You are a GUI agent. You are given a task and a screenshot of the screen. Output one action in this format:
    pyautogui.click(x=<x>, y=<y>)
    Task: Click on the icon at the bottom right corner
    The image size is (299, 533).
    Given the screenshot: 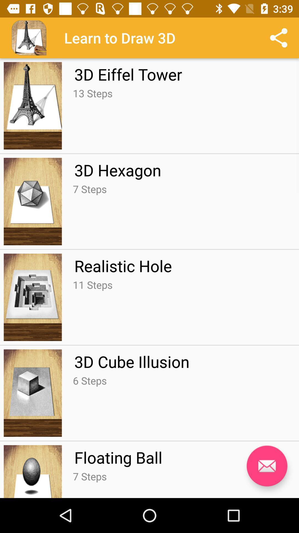 What is the action you would take?
    pyautogui.click(x=267, y=466)
    